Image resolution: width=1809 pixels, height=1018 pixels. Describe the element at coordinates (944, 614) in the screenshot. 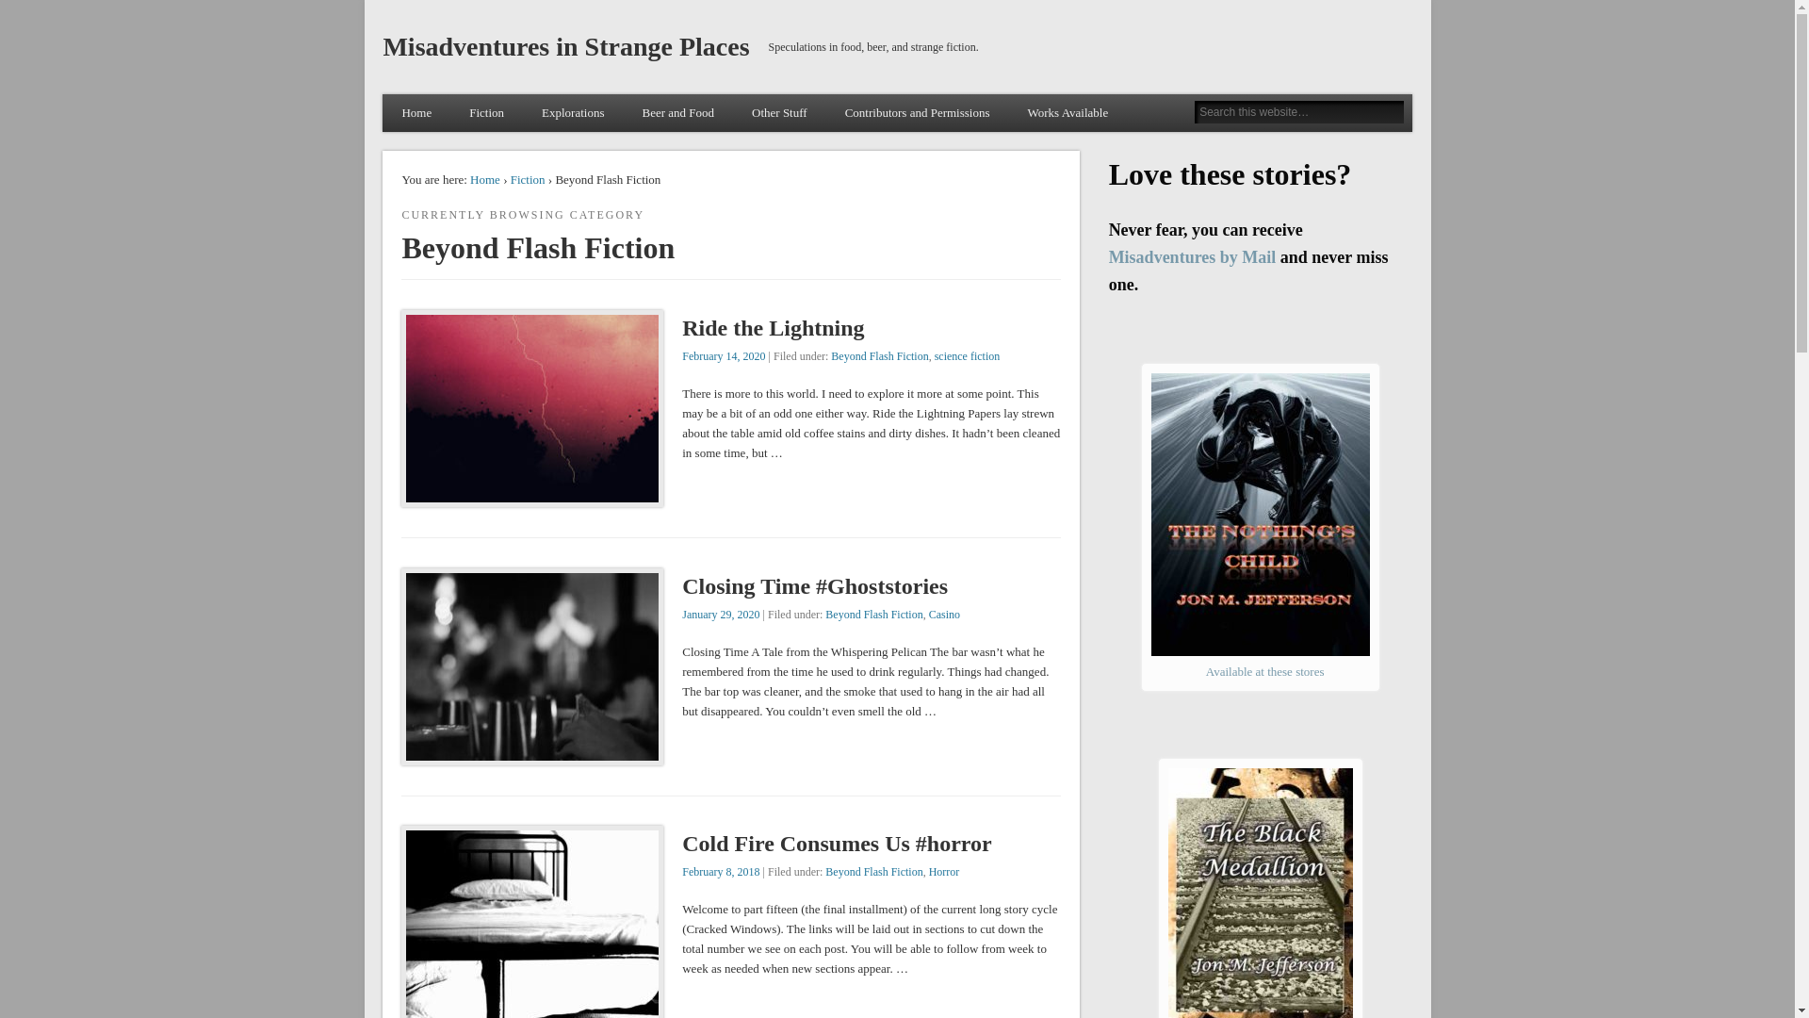

I see `'Casino'` at that location.